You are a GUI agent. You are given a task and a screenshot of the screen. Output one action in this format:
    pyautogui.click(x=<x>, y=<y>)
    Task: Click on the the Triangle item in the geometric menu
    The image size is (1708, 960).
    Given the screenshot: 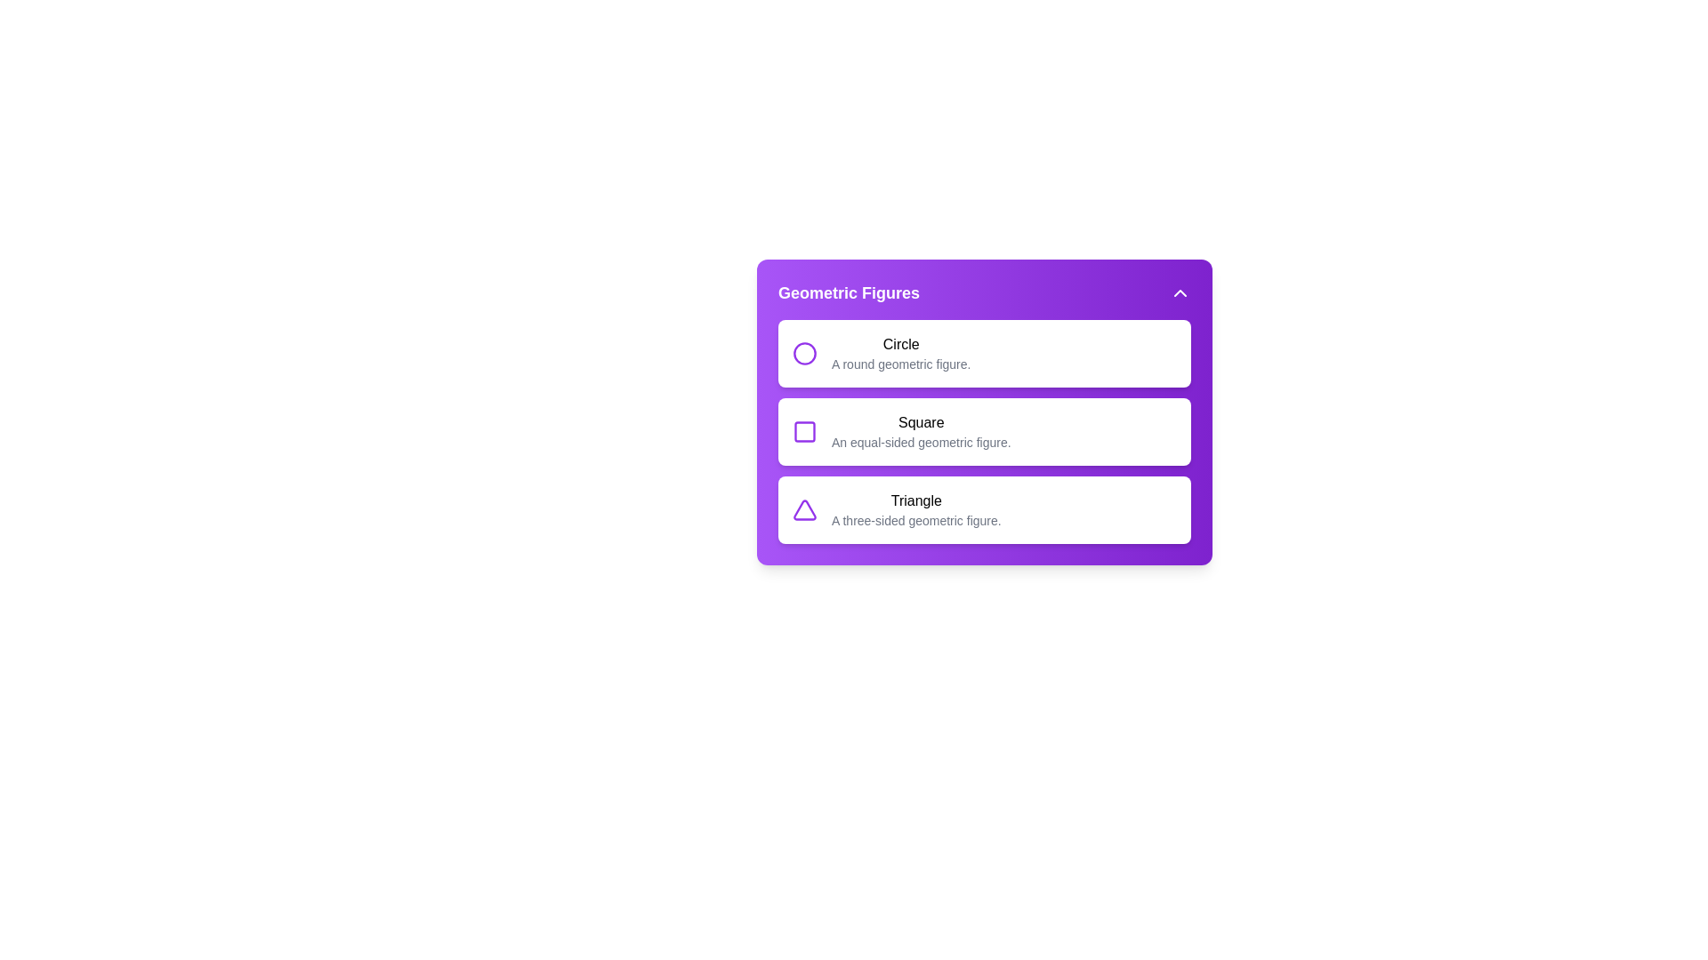 What is the action you would take?
    pyautogui.click(x=916, y=510)
    